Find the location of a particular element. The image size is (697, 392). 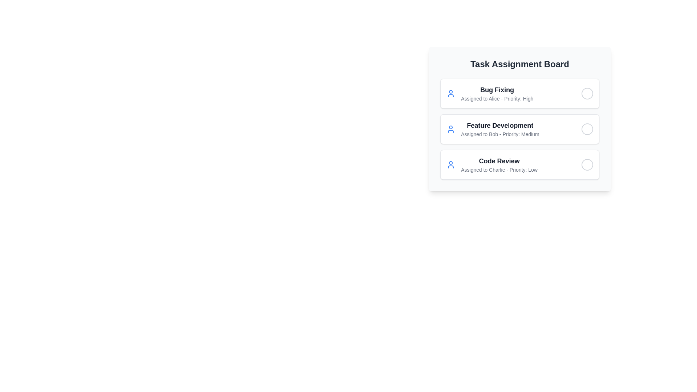

the 'Bug Fixing' task entry is located at coordinates (489, 93).